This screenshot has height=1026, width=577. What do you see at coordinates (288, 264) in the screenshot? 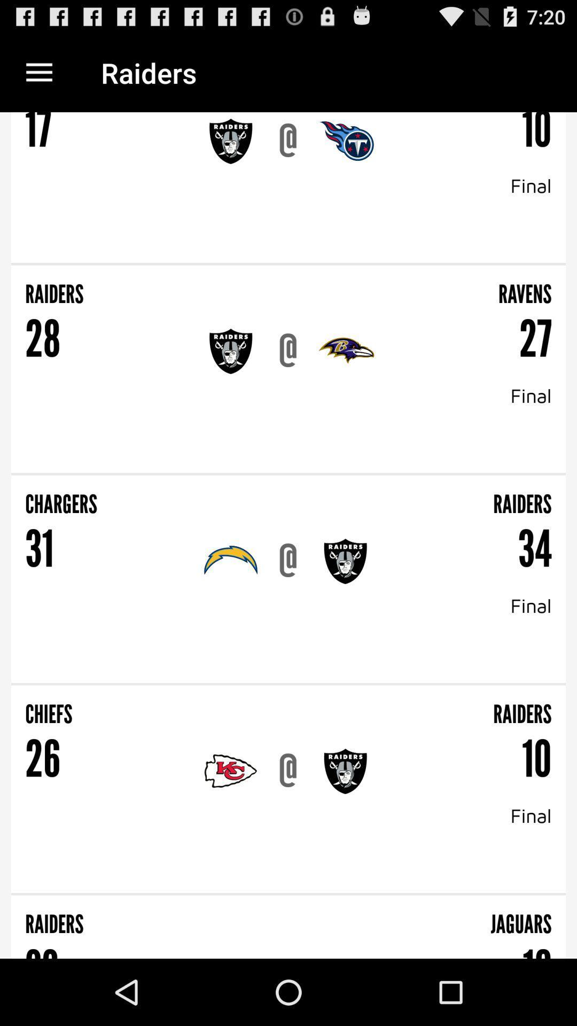
I see `item above the raiders item` at bounding box center [288, 264].